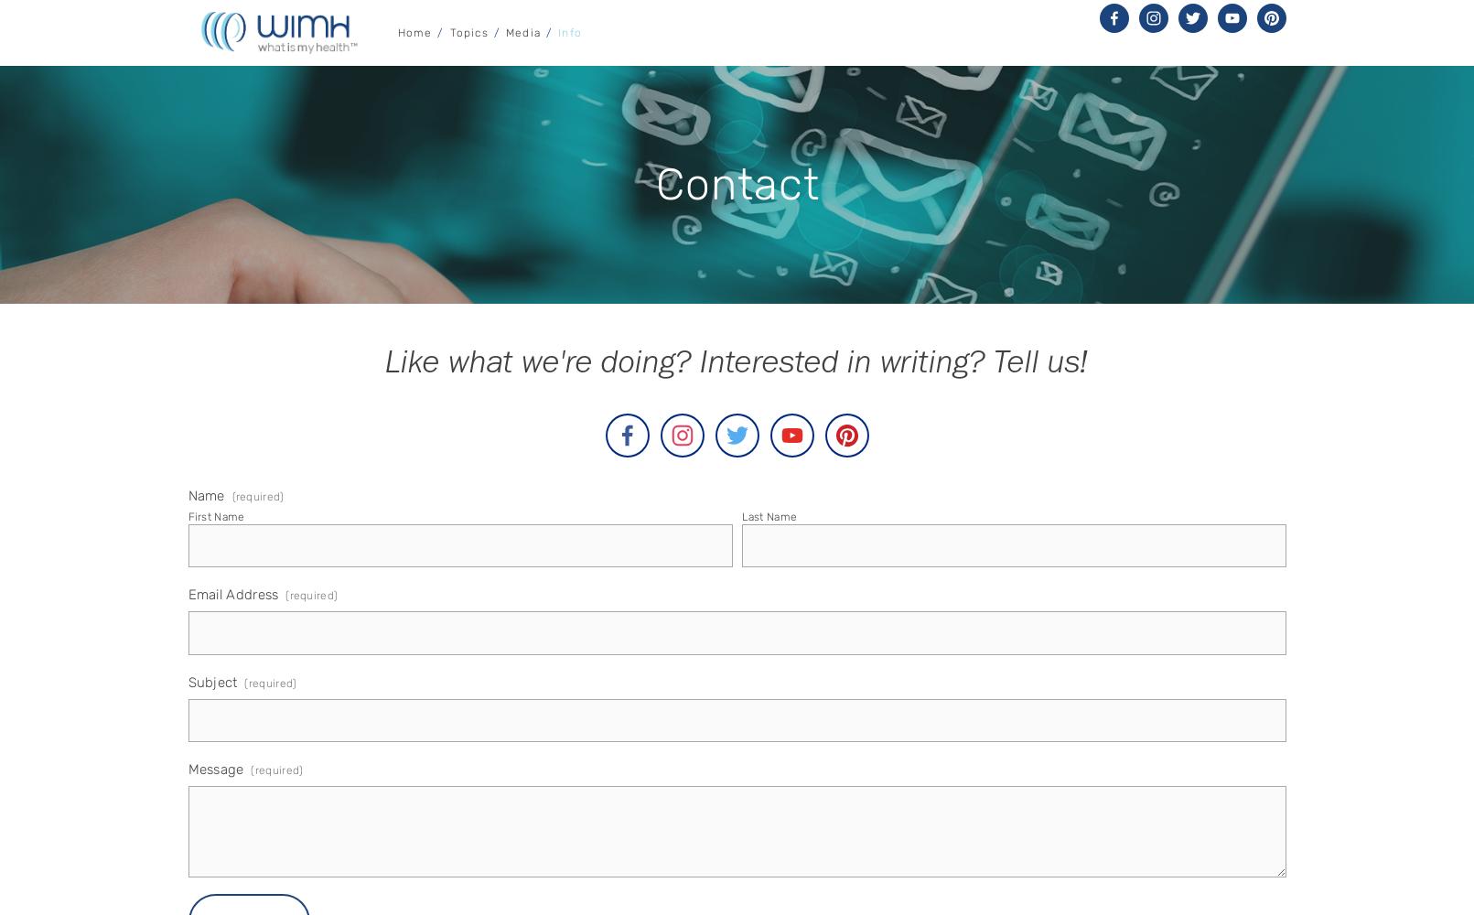 The height and width of the screenshot is (915, 1474). Describe the element at coordinates (384, 367) in the screenshot. I see `'Like what we're doing? Interested in writing? Tell us!'` at that location.